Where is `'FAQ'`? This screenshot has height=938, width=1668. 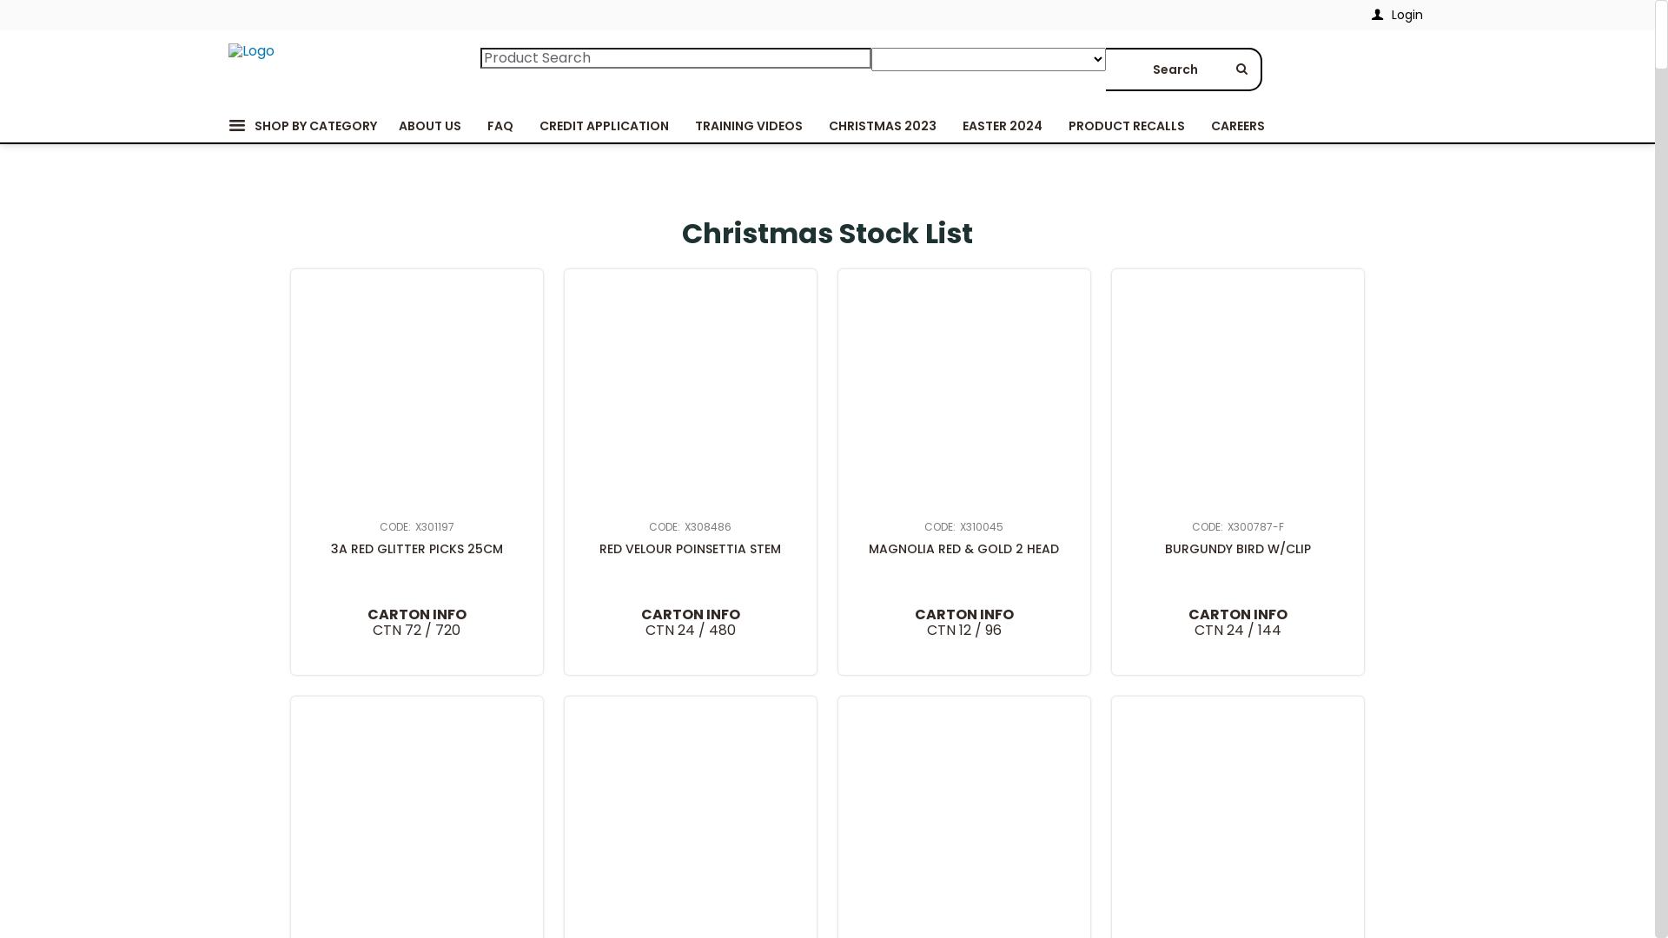
'FAQ' is located at coordinates (500, 125).